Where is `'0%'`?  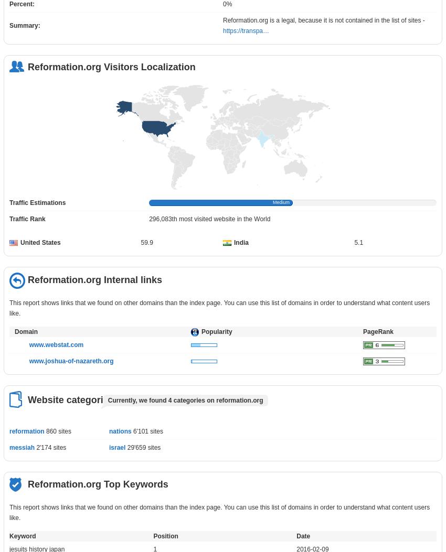
'0%' is located at coordinates (227, 4).